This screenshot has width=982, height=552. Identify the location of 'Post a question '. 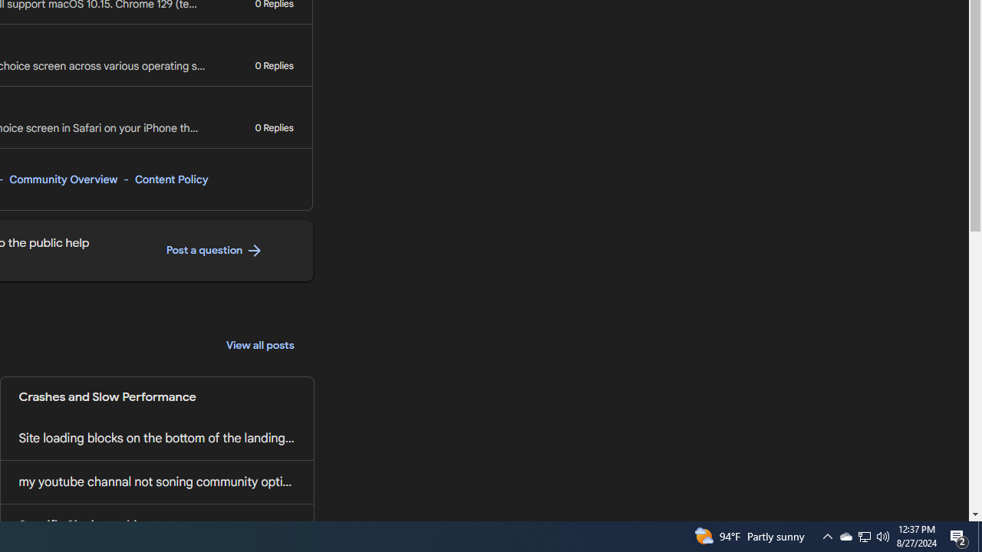
(214, 250).